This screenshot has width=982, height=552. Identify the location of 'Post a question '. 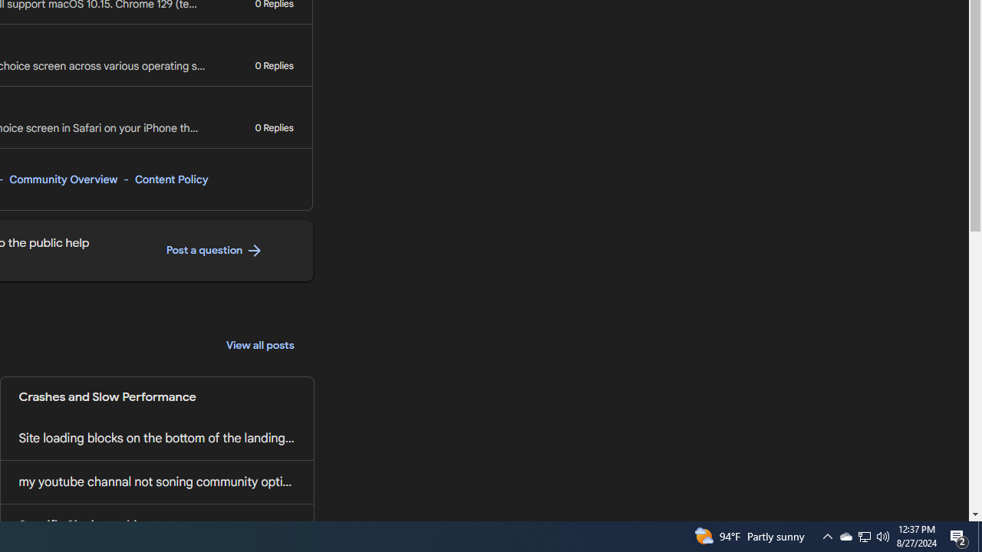
(214, 250).